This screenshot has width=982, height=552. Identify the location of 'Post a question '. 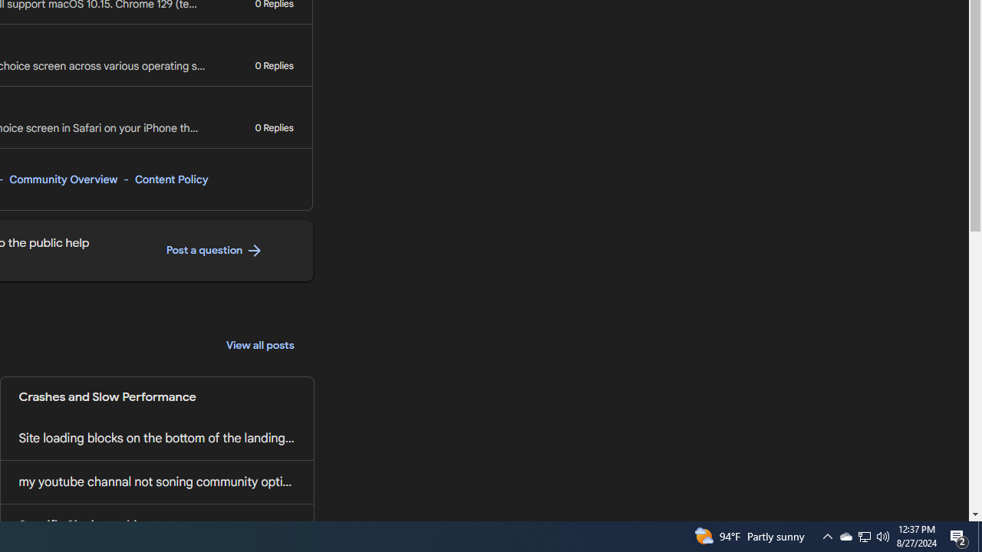
(214, 250).